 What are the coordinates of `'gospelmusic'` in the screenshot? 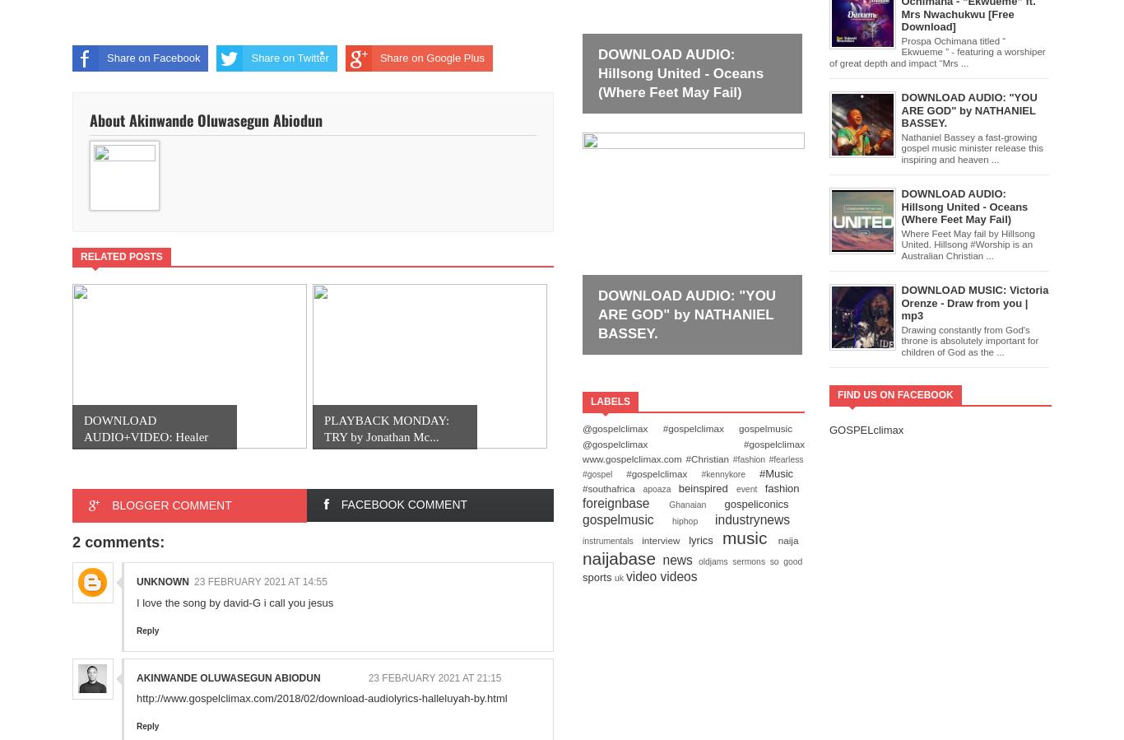 It's located at (626, 518).